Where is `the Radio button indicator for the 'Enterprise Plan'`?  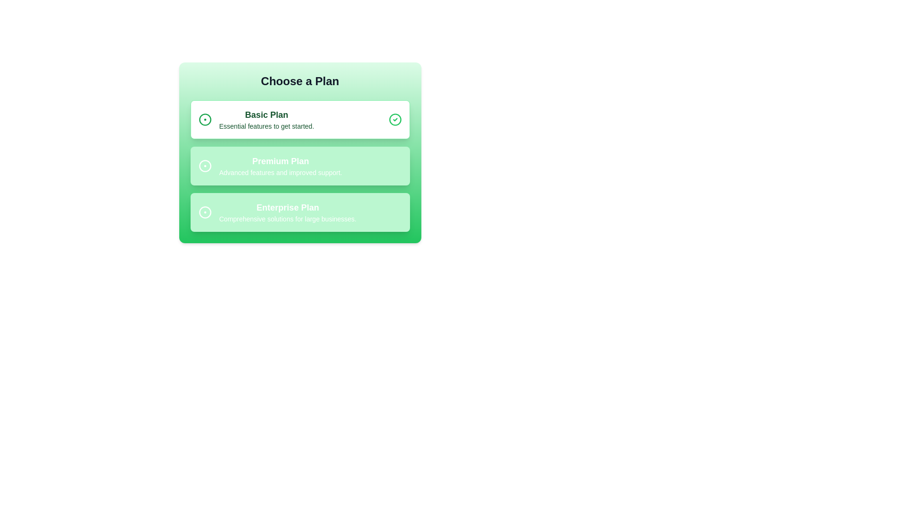
the Radio button indicator for the 'Enterprise Plan' is located at coordinates (204, 211).